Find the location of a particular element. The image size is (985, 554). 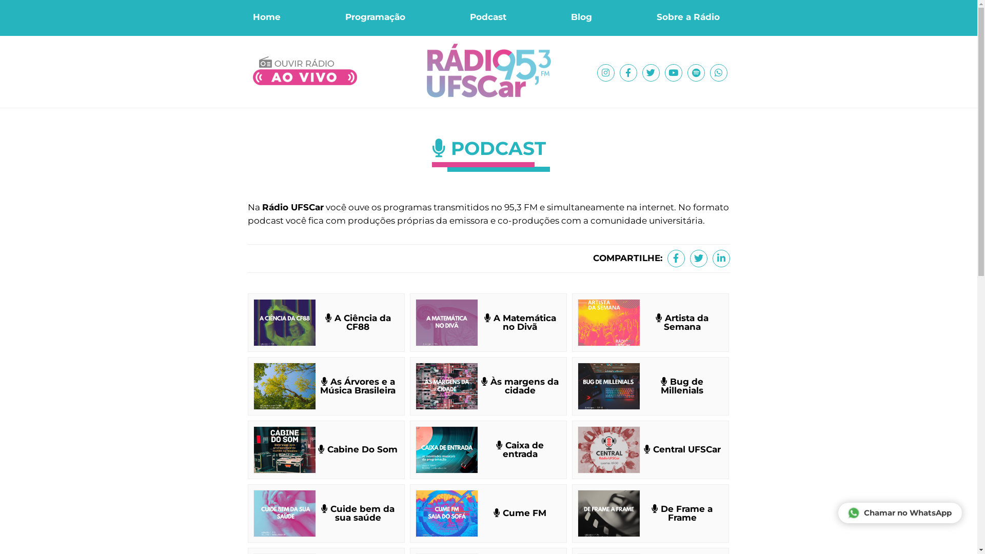

'Cume FM' is located at coordinates (487, 513).